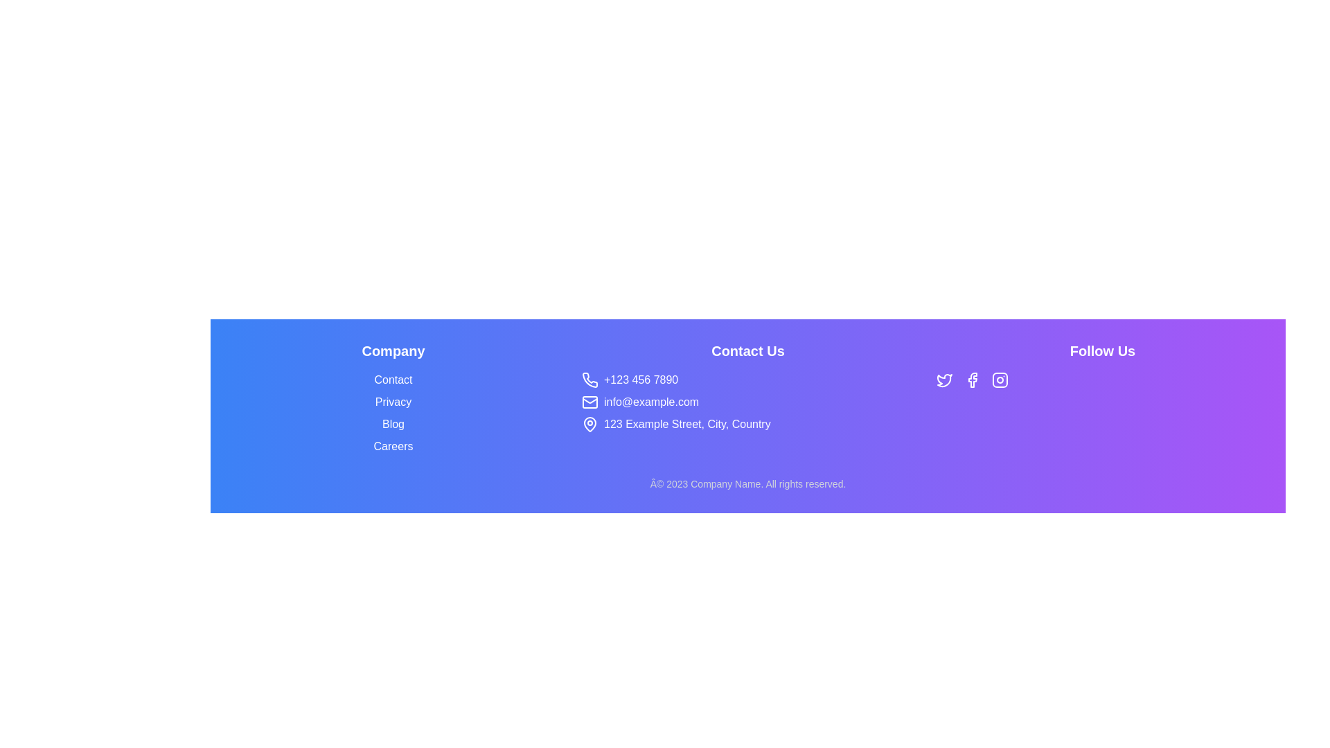  I want to click on the location pin icon in the 'Contact Us' section, which precedes the address text '123 Example Street, City, Country', so click(589, 424).